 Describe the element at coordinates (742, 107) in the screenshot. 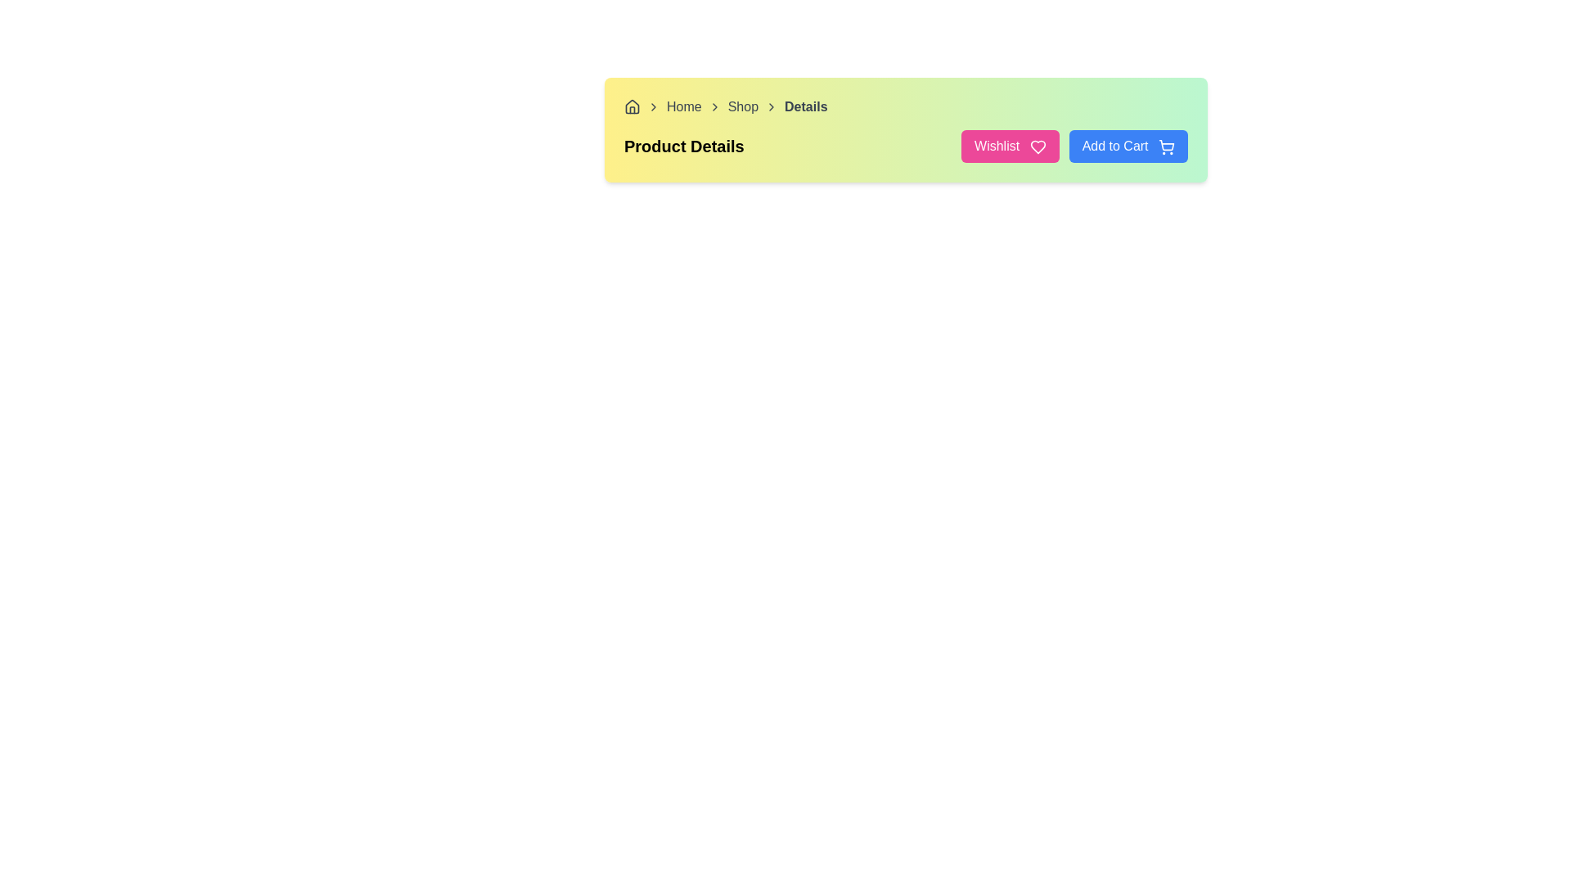

I see `the 'Shop' hyperlink in the breadcrumb navigation bar` at that location.